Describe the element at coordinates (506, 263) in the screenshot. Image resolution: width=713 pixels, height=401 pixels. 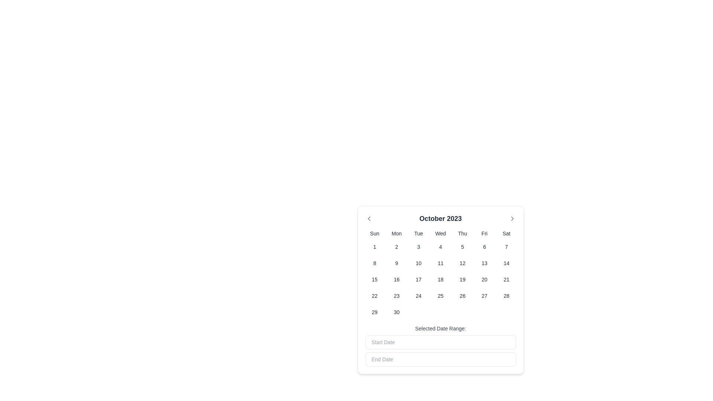
I see `the button displaying the number '14' in the October 2023 calendar` at that location.